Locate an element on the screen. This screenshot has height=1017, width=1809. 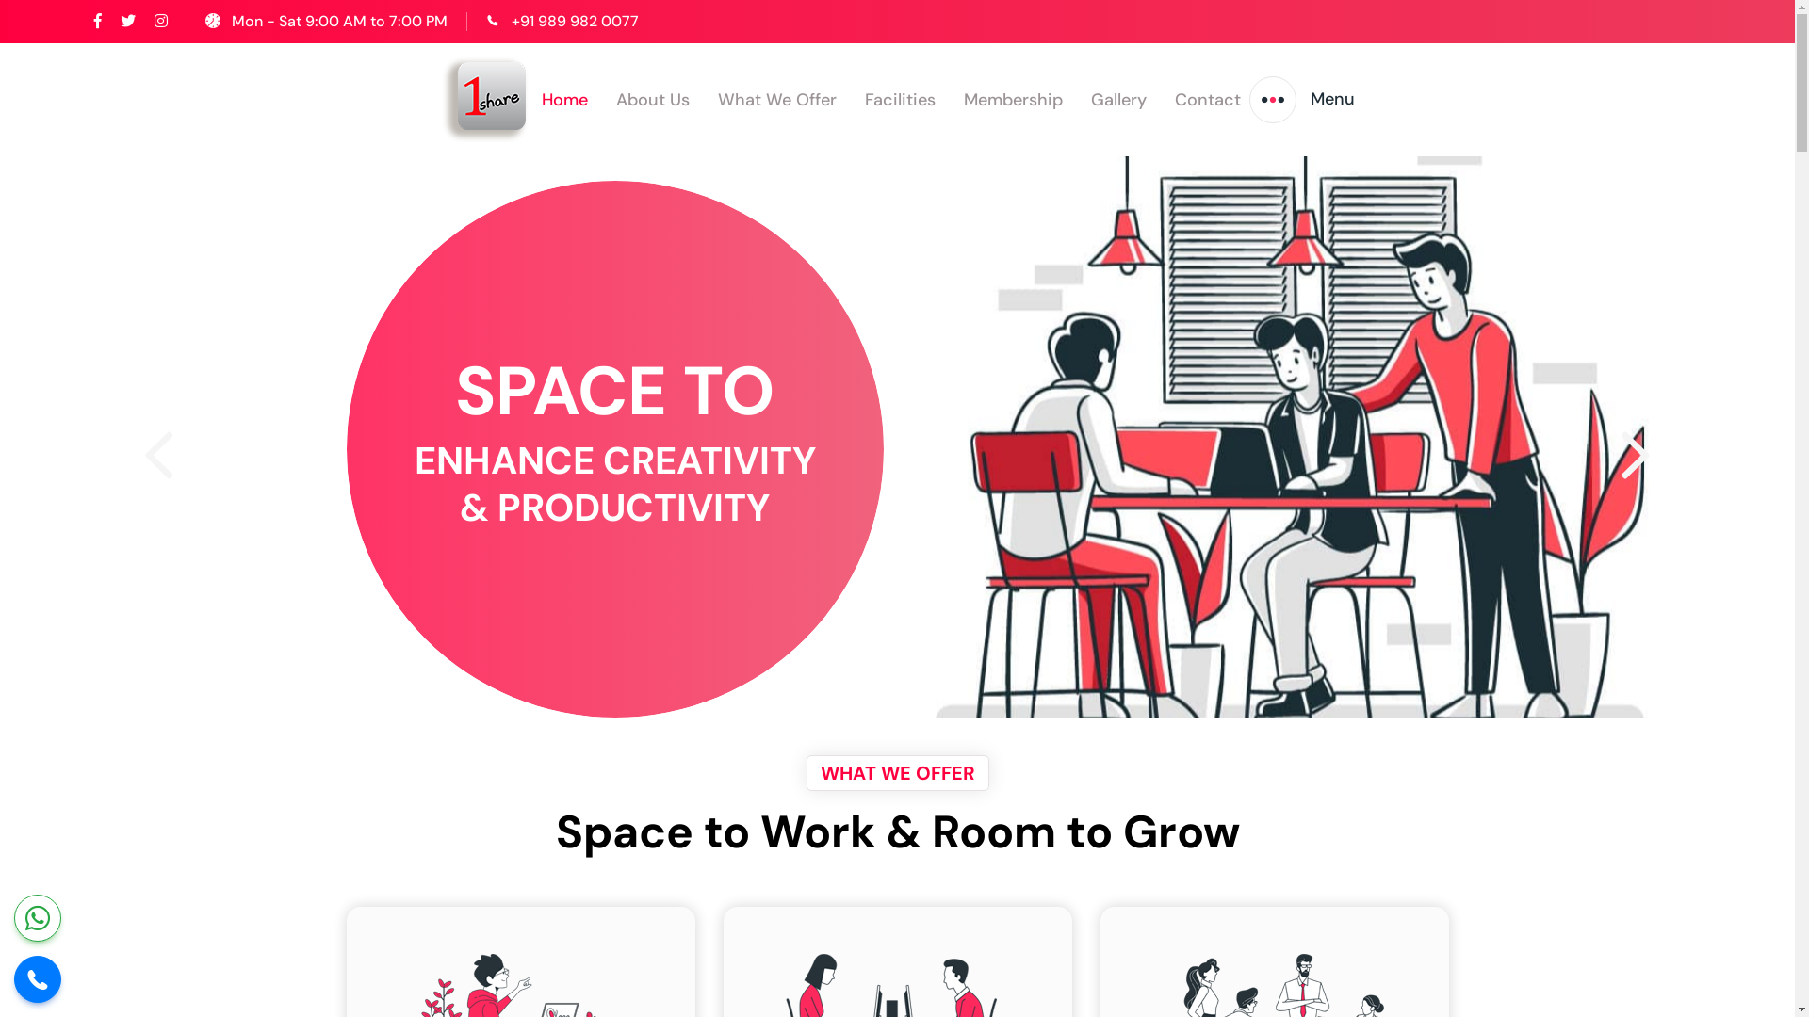
'Facilities' is located at coordinates (863, 99).